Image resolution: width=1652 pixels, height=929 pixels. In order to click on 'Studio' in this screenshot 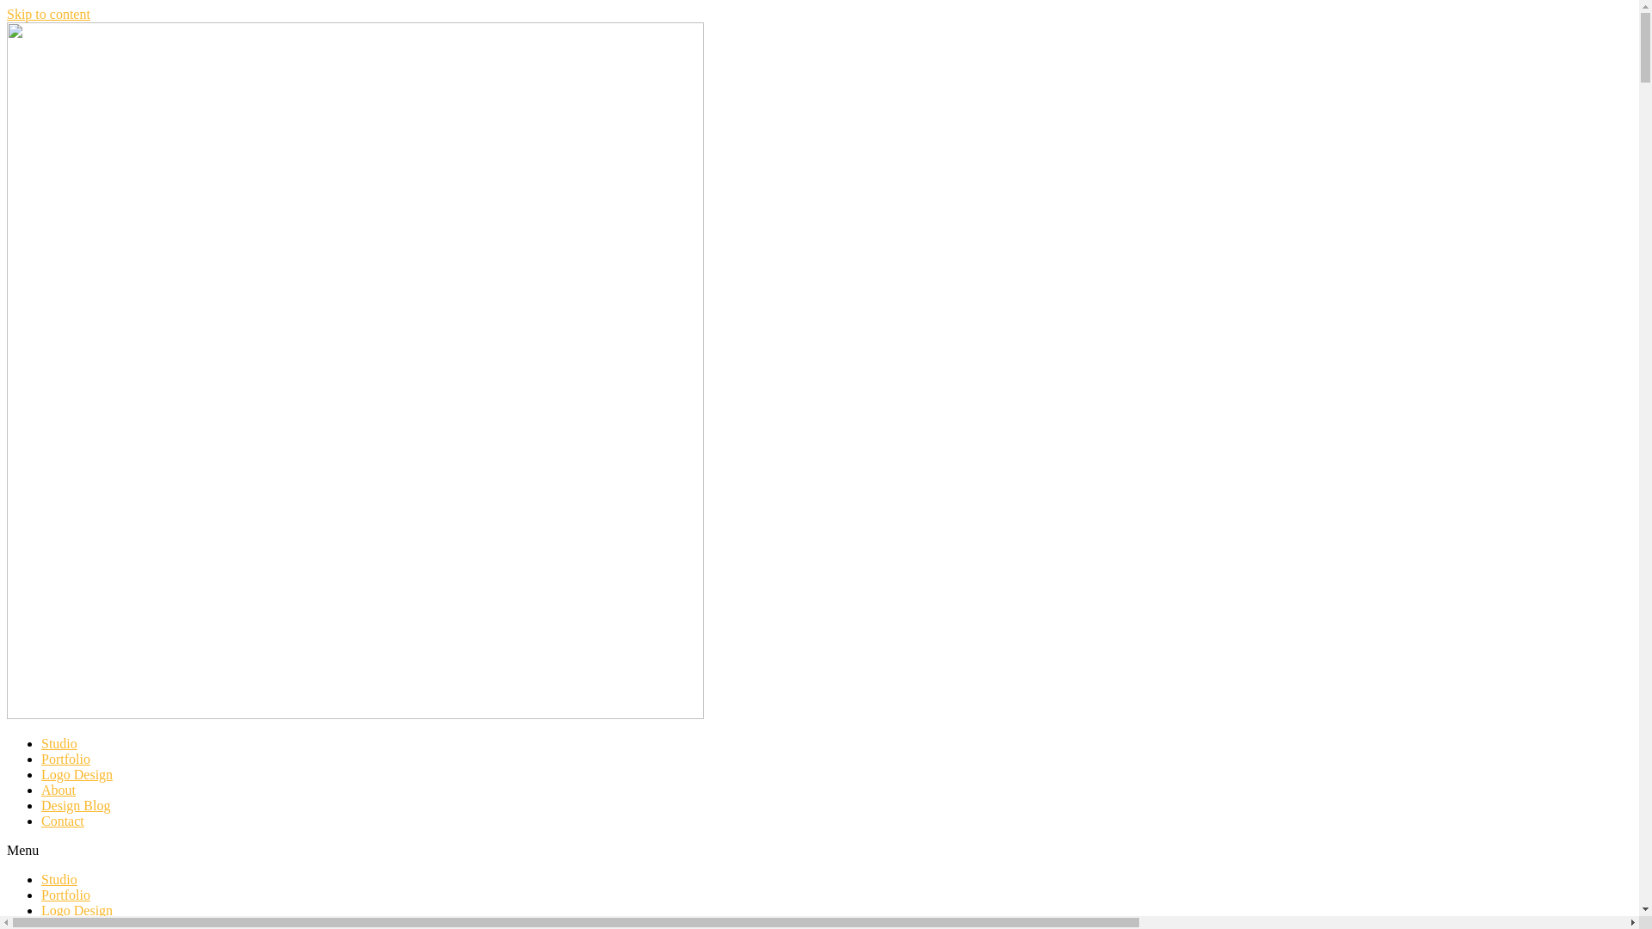, I will do `click(41, 742)`.